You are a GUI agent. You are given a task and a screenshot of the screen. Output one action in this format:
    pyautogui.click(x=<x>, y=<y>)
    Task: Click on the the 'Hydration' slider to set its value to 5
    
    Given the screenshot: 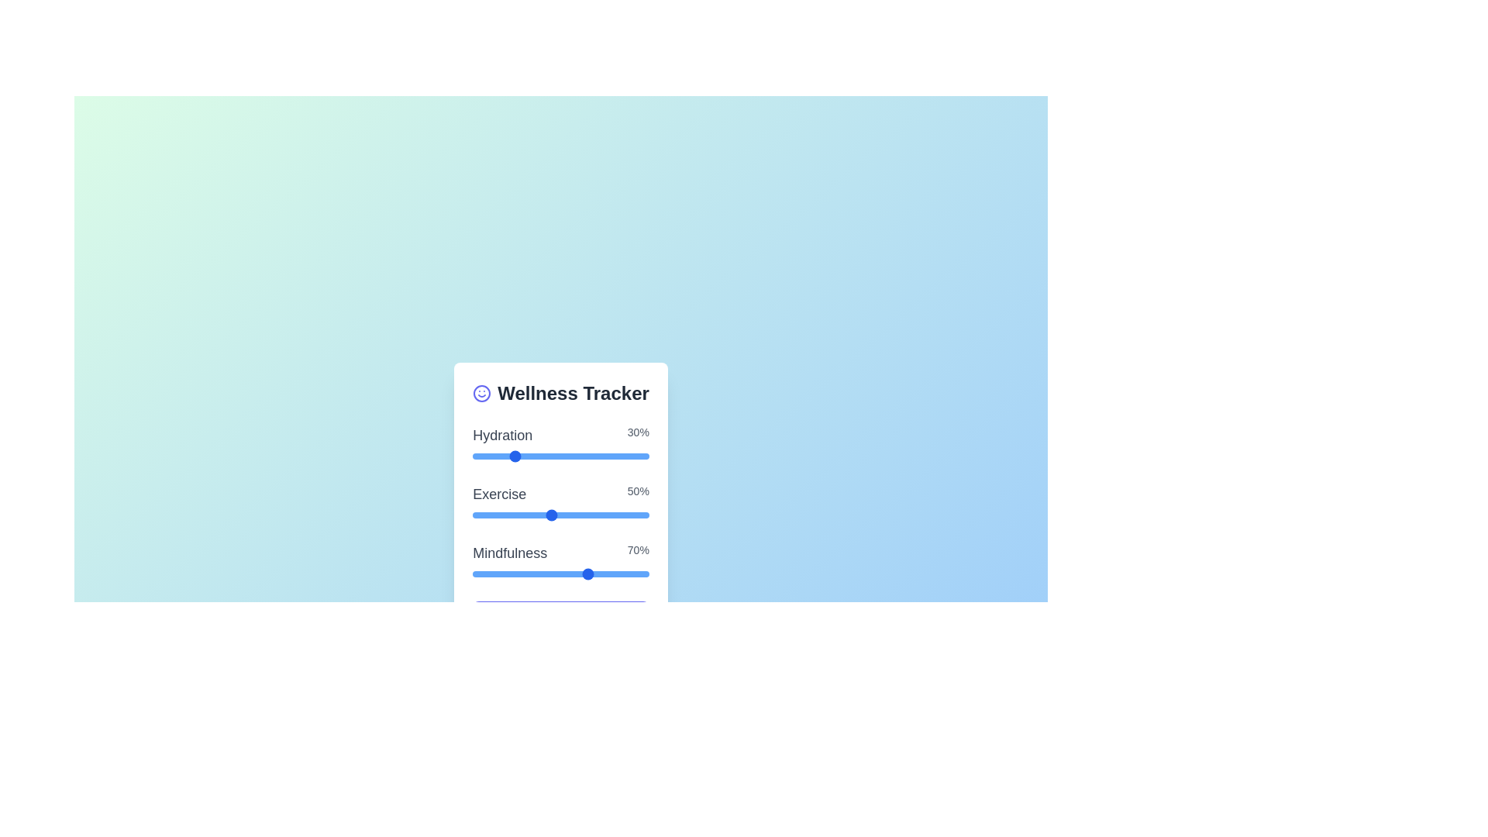 What is the action you would take?
    pyautogui.click(x=550, y=456)
    